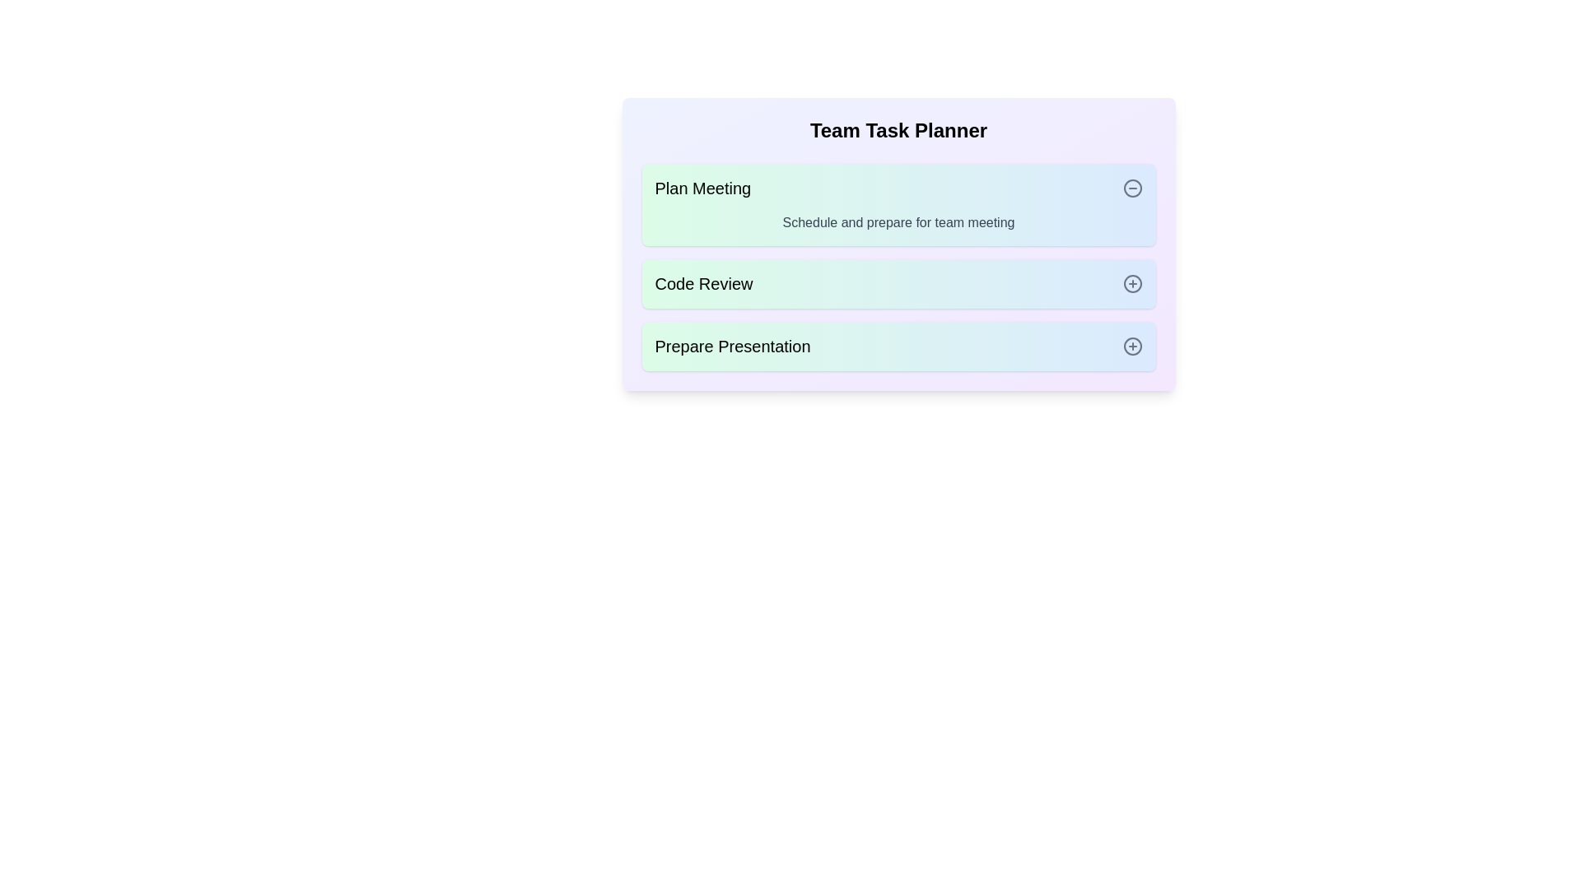 Image resolution: width=1581 pixels, height=889 pixels. I want to click on the toggle button for the task with name Prepare Presentation, so click(1131, 345).